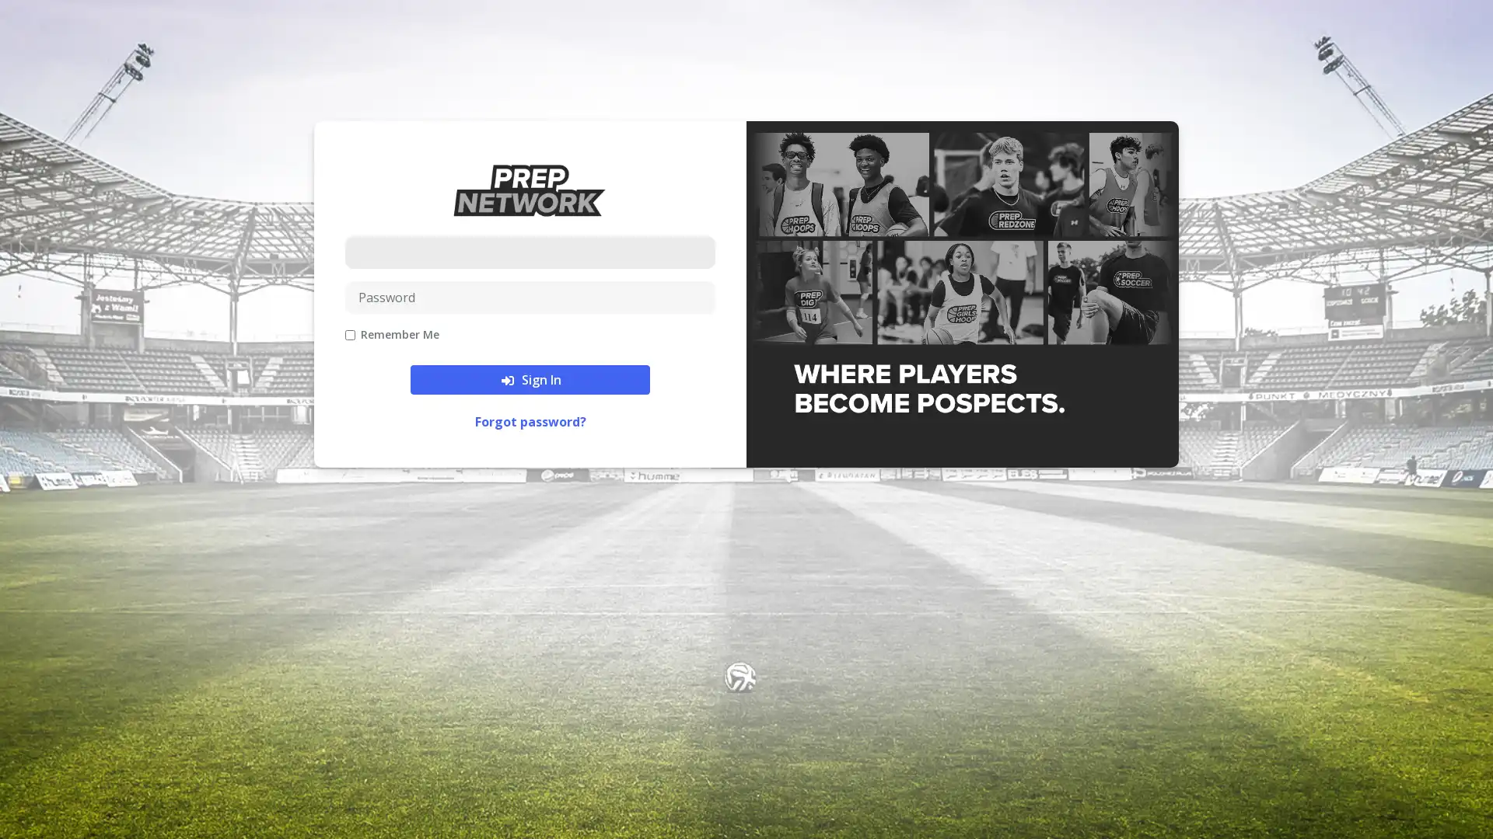  What do you see at coordinates (530, 379) in the screenshot?
I see `Sign In` at bounding box center [530, 379].